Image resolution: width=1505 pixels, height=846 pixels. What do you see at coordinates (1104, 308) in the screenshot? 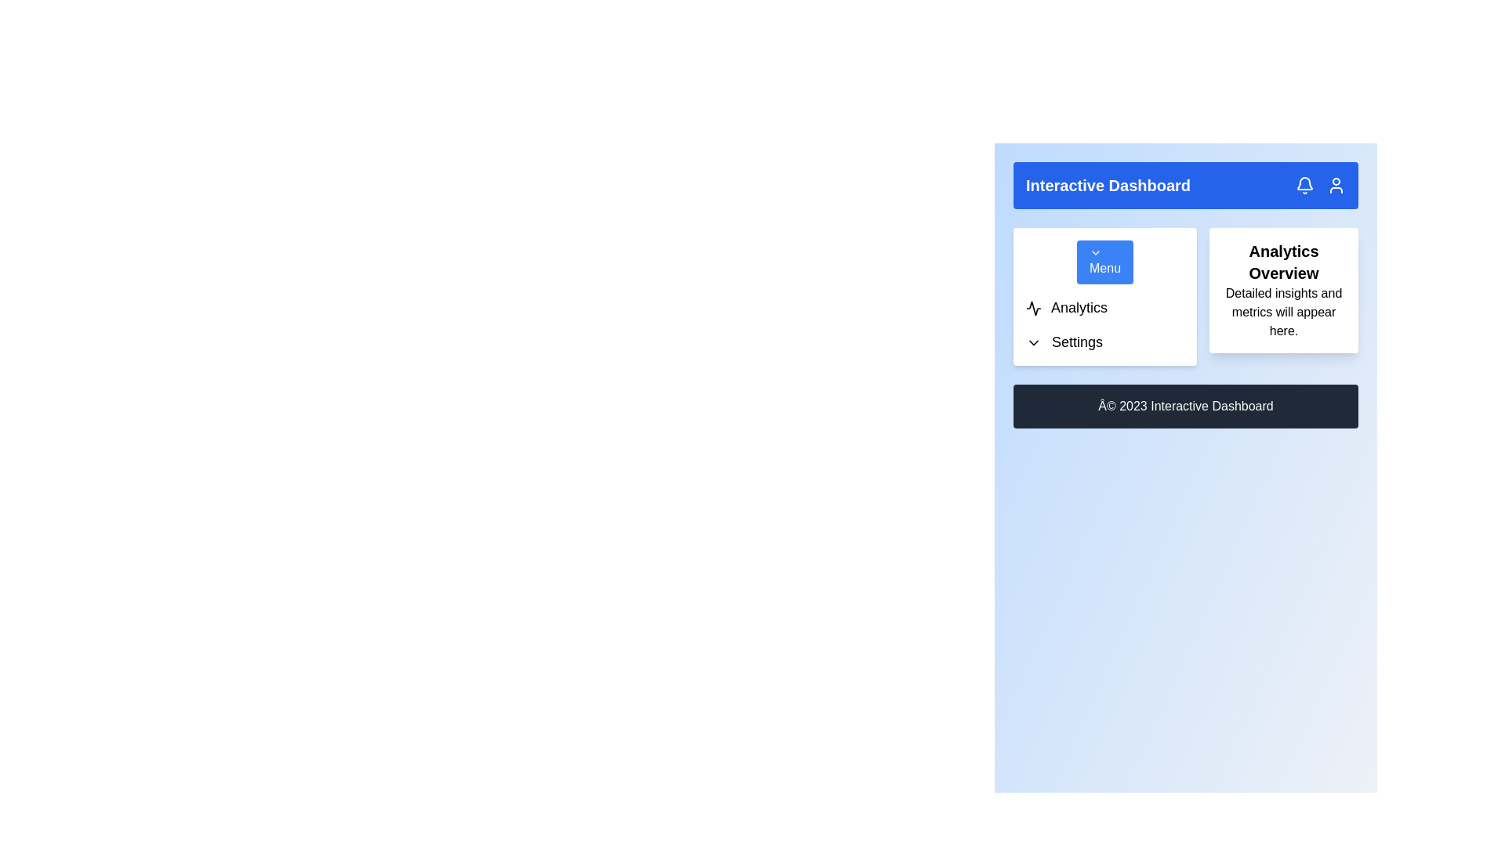
I see `the 'Analytics' button, which is styled with bold text and an icon resembling a waveform, located in the left section of the interface above 'Settings' and below the 'Menu' dropdown, to potentially reveal a tooltip or visual feedback` at bounding box center [1104, 308].